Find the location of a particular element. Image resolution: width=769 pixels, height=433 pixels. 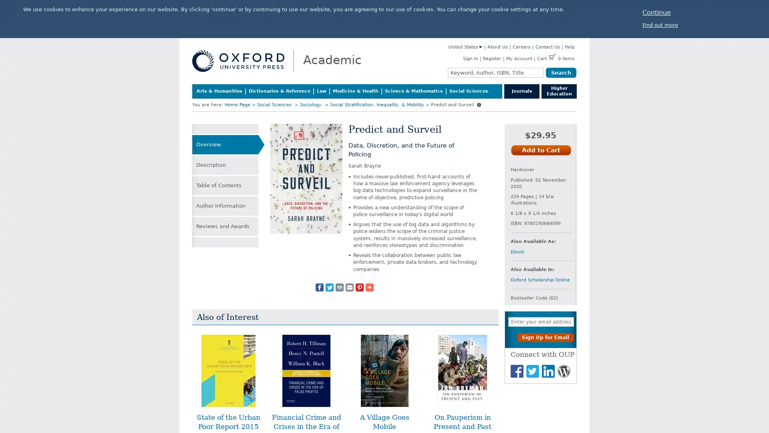

Share to Twitter is located at coordinates (329, 287).